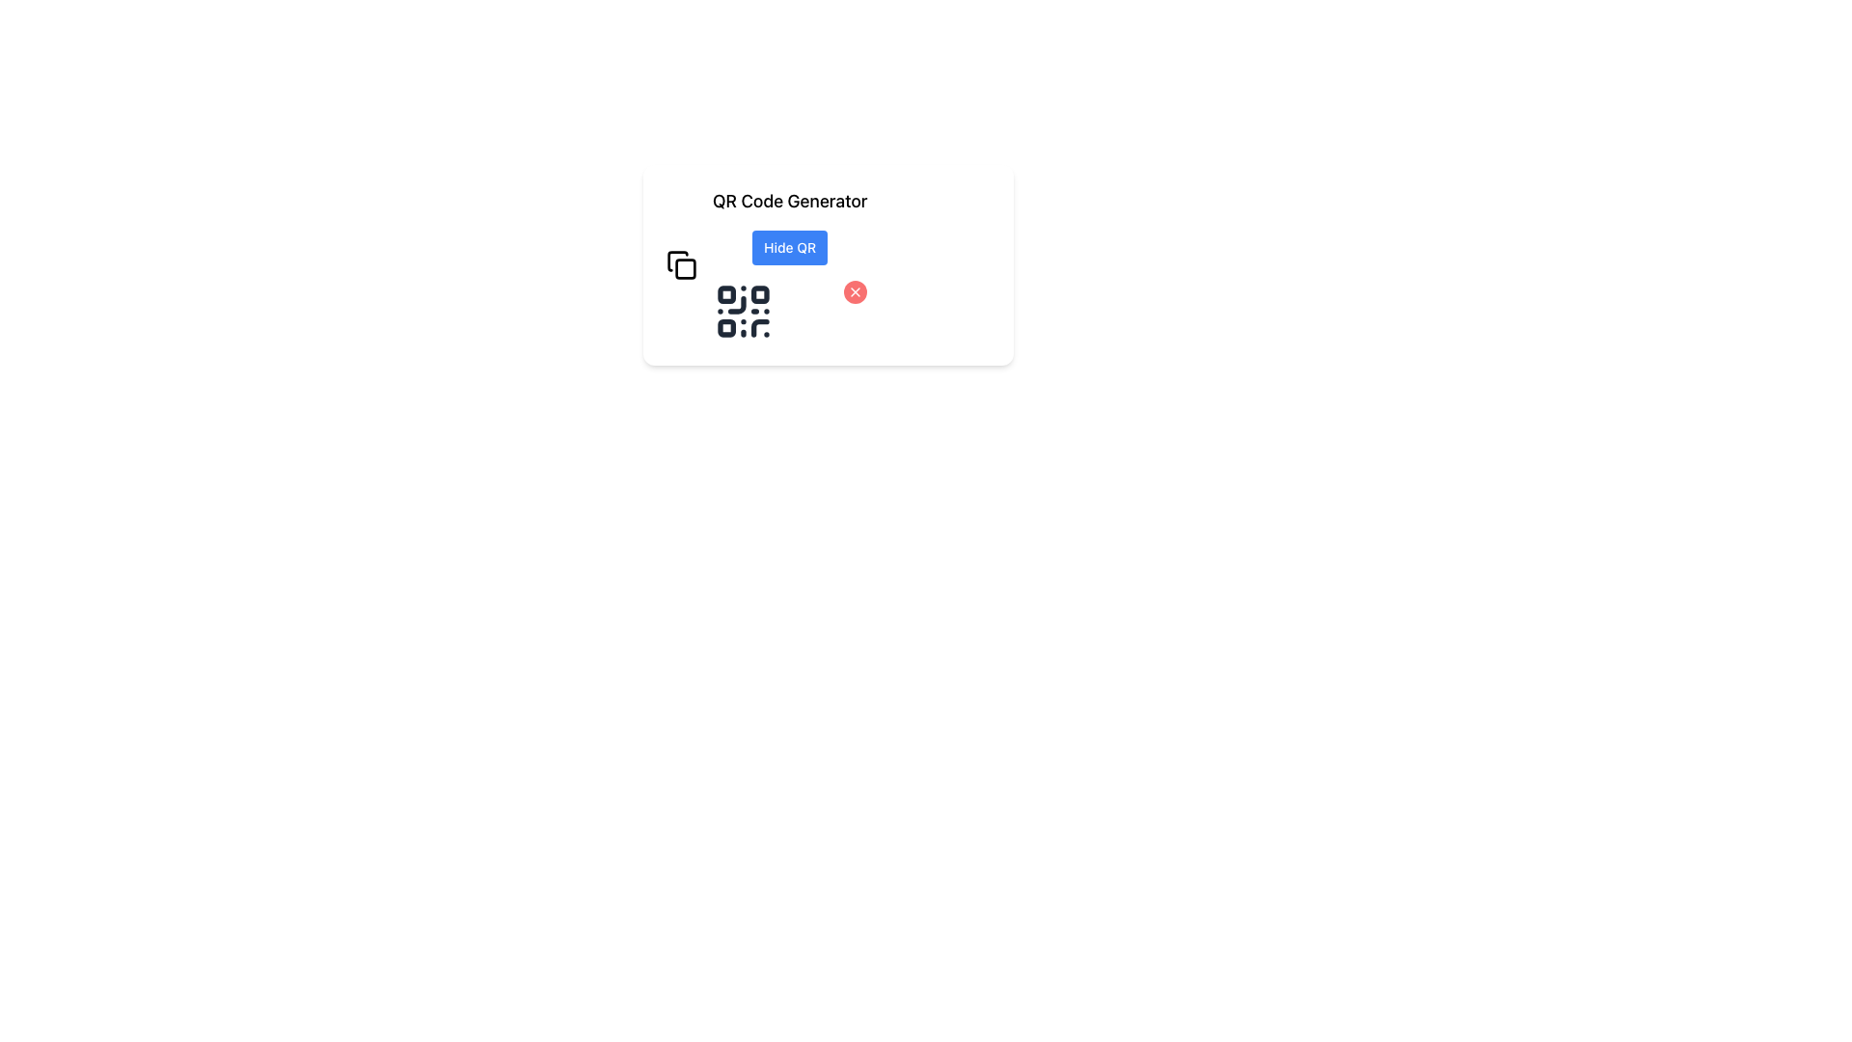  Describe the element at coordinates (759, 327) in the screenshot. I see `the Icon fragment located in the lower-right quadrant of the QR code-like design, characterized by a curved line indicating a stylized corner` at that location.